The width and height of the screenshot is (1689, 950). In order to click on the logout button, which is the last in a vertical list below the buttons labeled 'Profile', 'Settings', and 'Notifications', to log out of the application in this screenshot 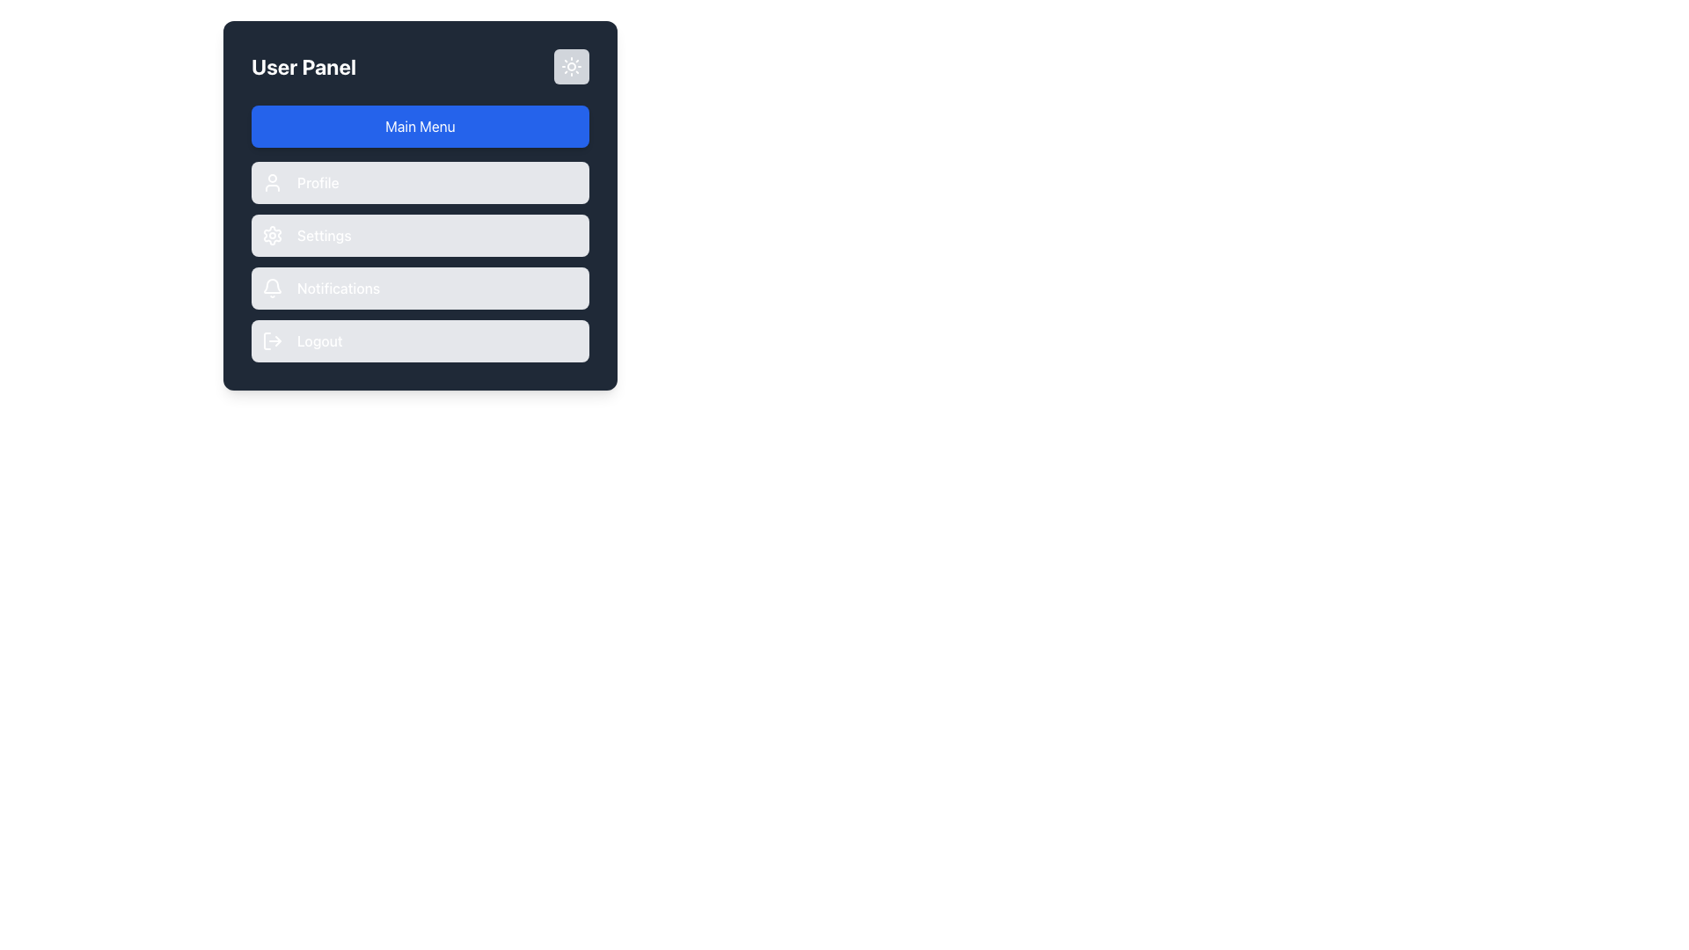, I will do `click(420, 341)`.